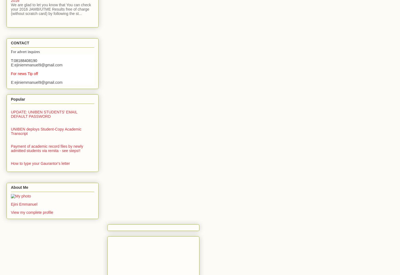 The image size is (400, 275). I want to click on 'How to type your Gaurantor's letter', so click(40, 163).